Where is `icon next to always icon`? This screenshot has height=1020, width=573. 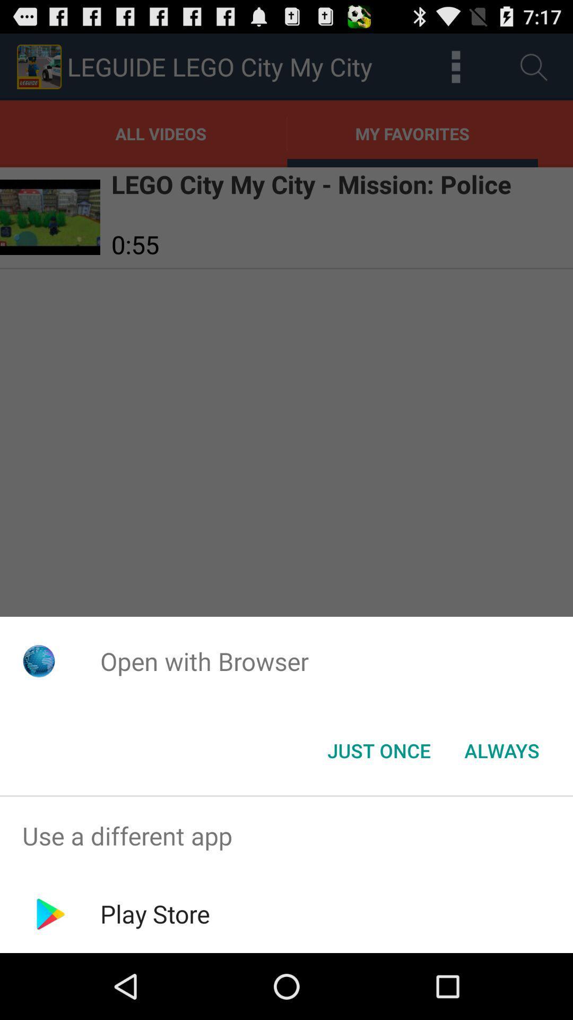 icon next to always icon is located at coordinates (378, 750).